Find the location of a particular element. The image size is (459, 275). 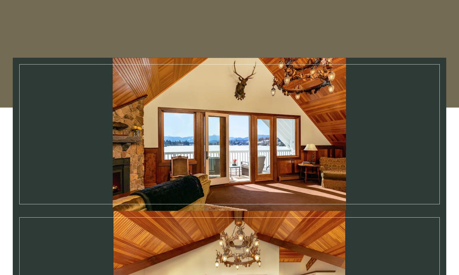

'View Placid Suite' is located at coordinates (306, 268).